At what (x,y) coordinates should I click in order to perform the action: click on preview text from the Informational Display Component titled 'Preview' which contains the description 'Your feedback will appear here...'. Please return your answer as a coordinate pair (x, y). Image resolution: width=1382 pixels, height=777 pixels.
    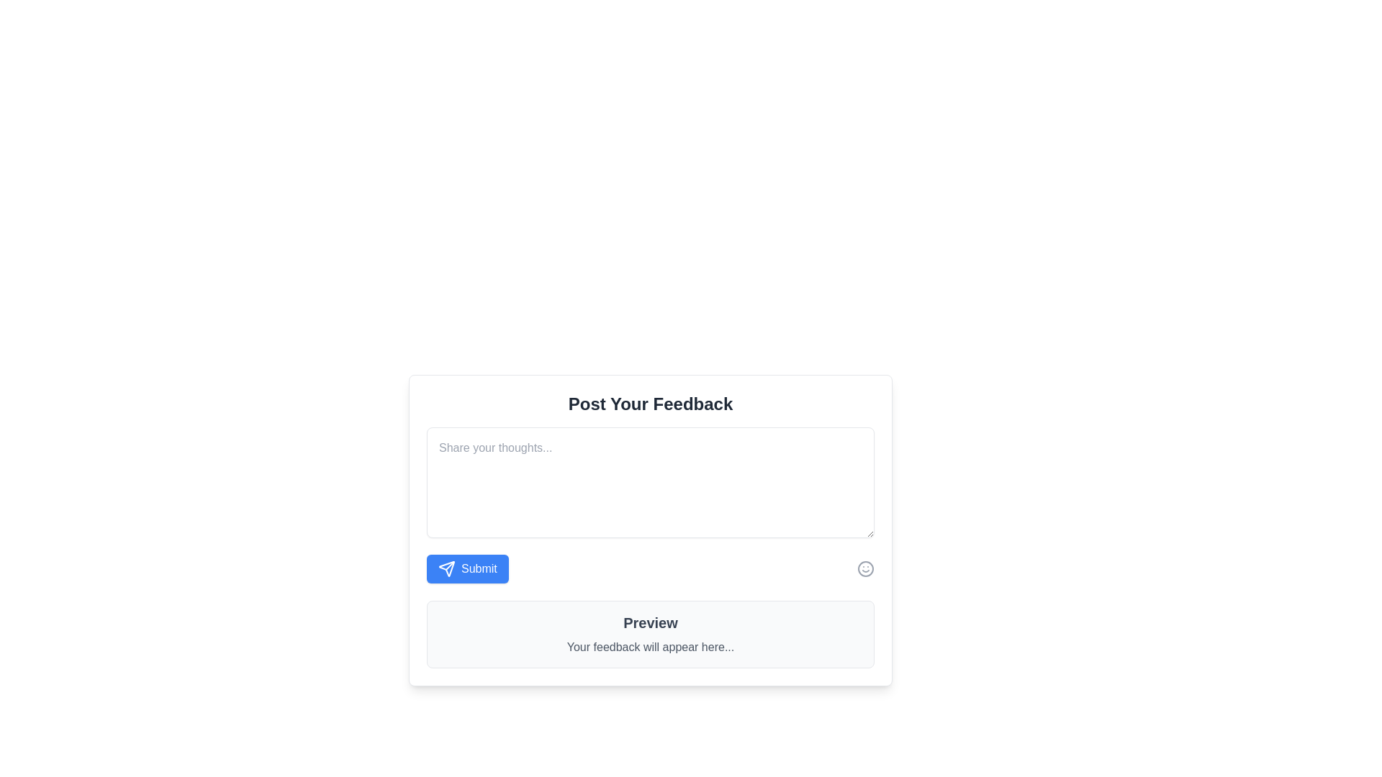
    Looking at the image, I should click on (649, 634).